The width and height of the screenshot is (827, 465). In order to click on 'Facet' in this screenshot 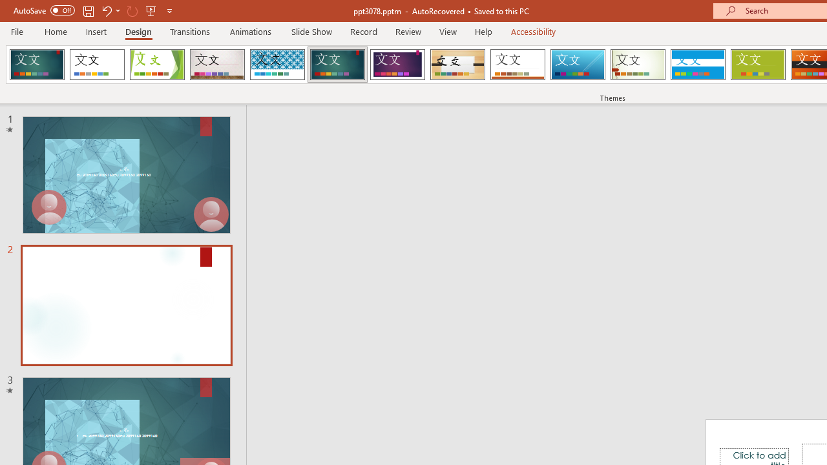, I will do `click(156, 65)`.